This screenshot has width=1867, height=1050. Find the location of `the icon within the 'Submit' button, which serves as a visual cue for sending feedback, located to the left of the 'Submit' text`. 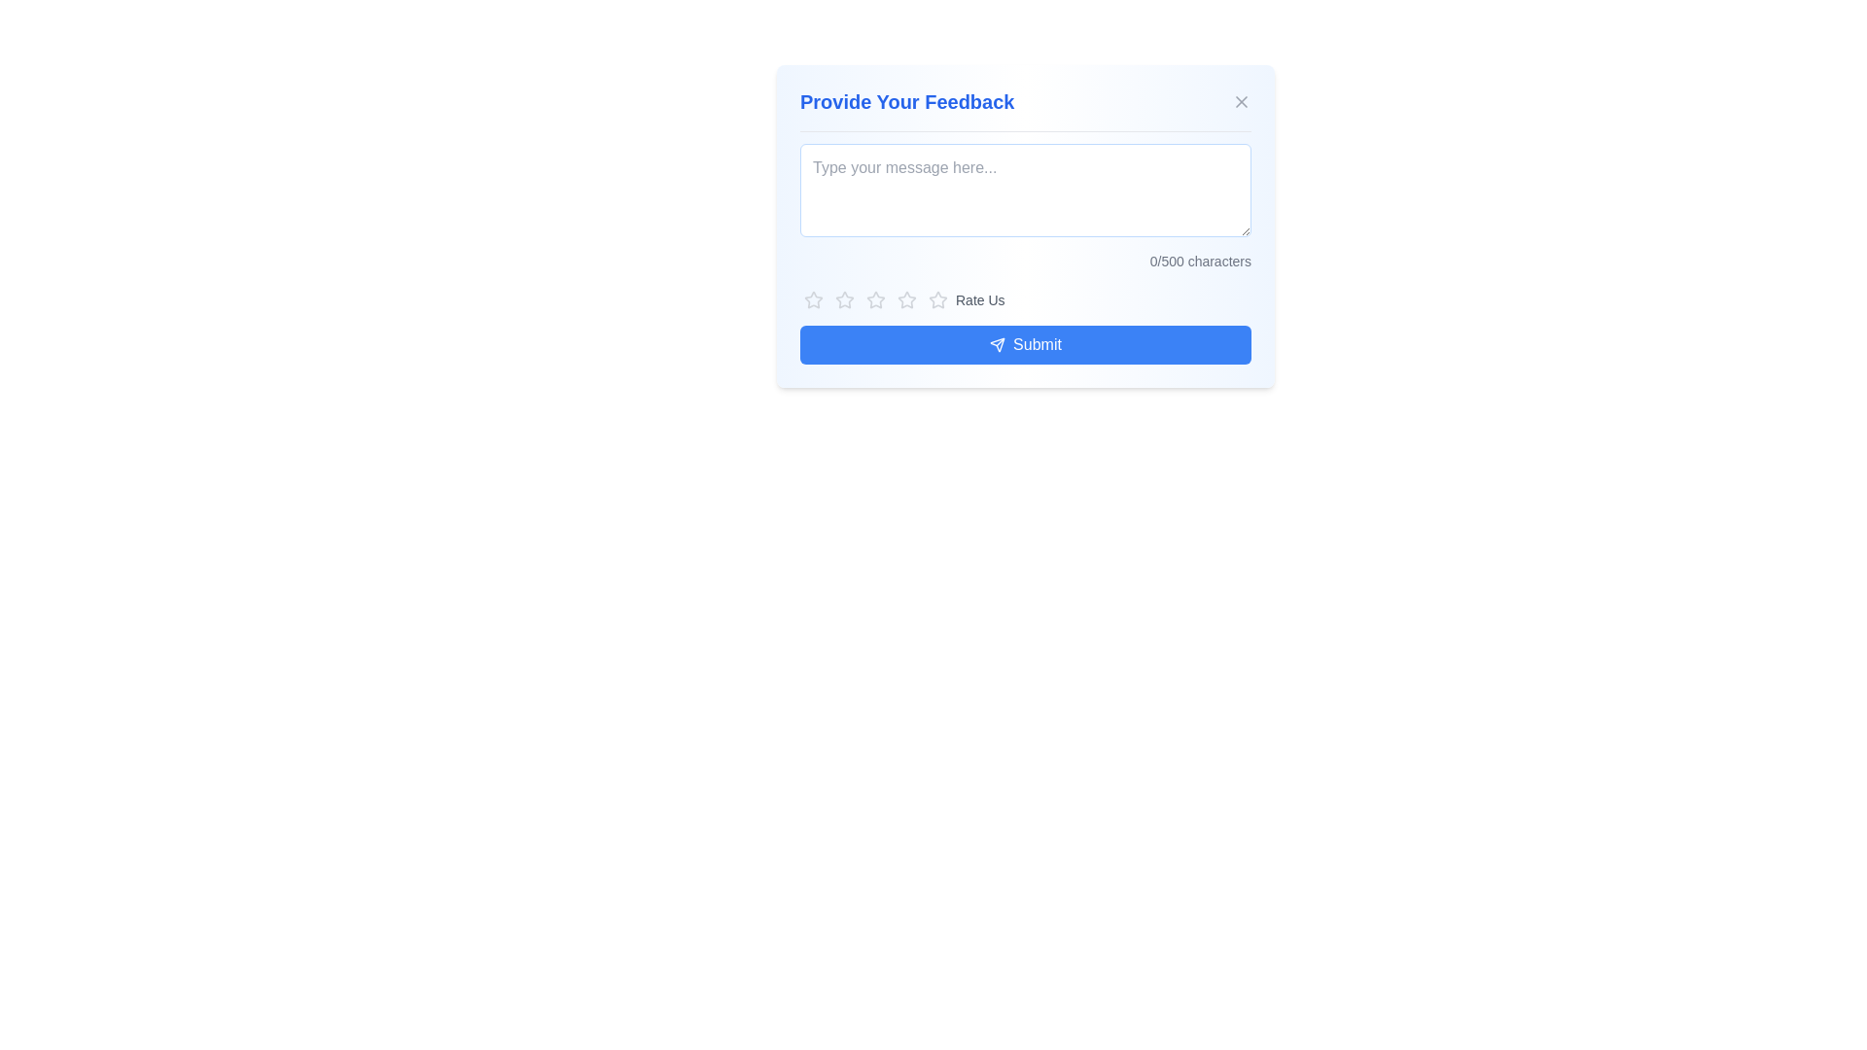

the icon within the 'Submit' button, which serves as a visual cue for sending feedback, located to the left of the 'Submit' text is located at coordinates (998, 343).